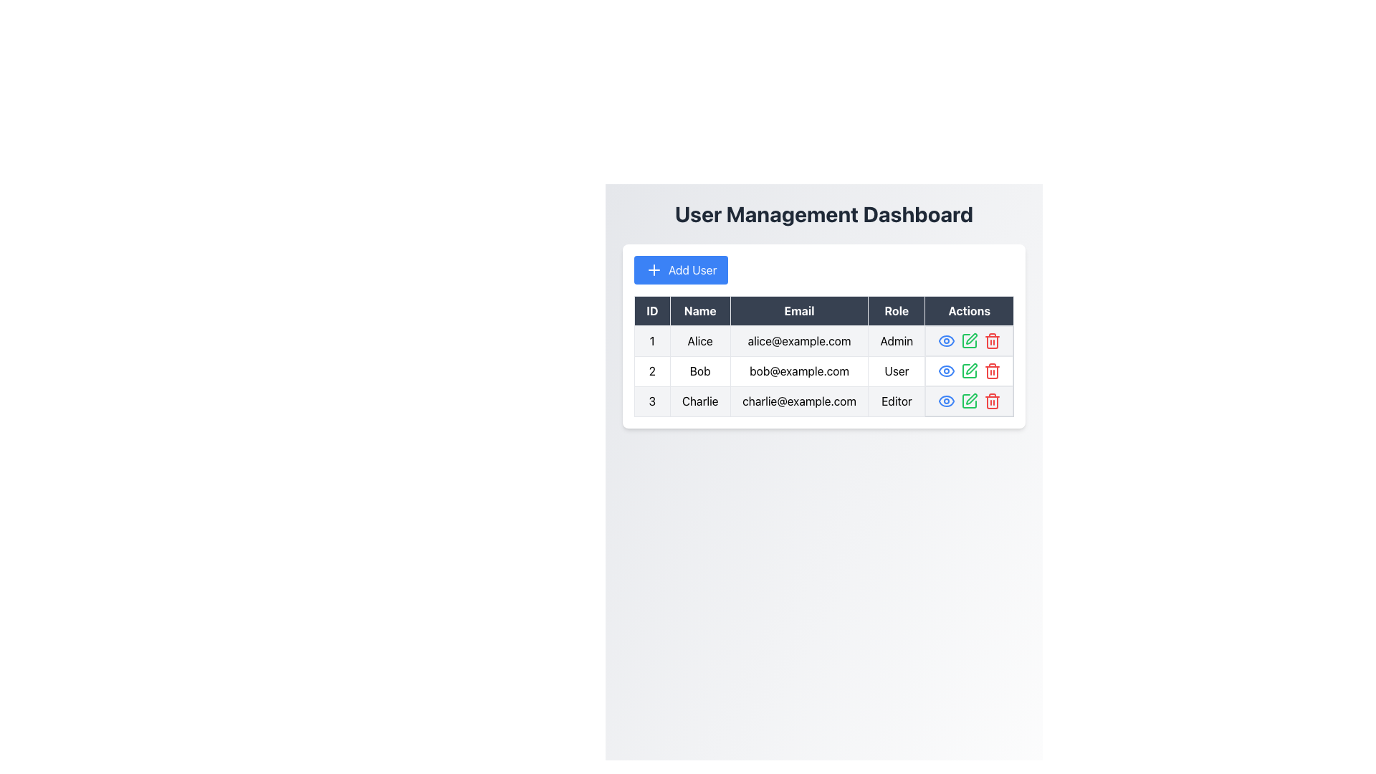 This screenshot has width=1376, height=774. What do you see at coordinates (798, 340) in the screenshot?
I see `the Text Display that shows the email address of user 'Alice' in the third column of the first row under the 'User Management Dashboard'` at bounding box center [798, 340].